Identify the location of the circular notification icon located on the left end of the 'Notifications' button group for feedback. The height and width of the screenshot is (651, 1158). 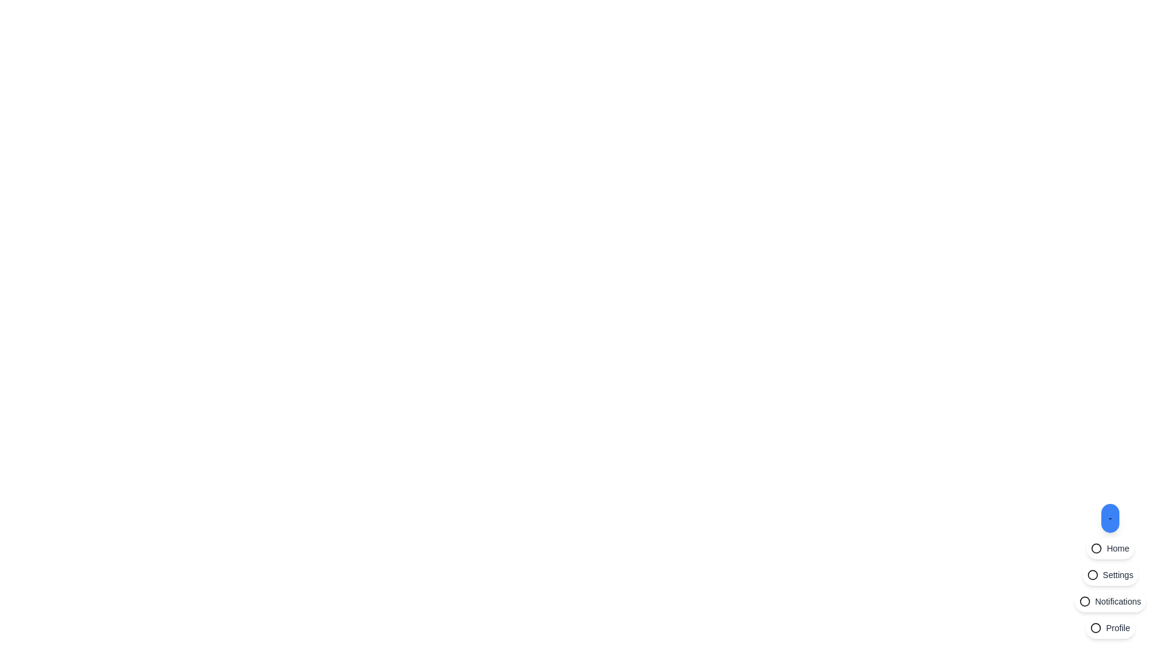
(1084, 602).